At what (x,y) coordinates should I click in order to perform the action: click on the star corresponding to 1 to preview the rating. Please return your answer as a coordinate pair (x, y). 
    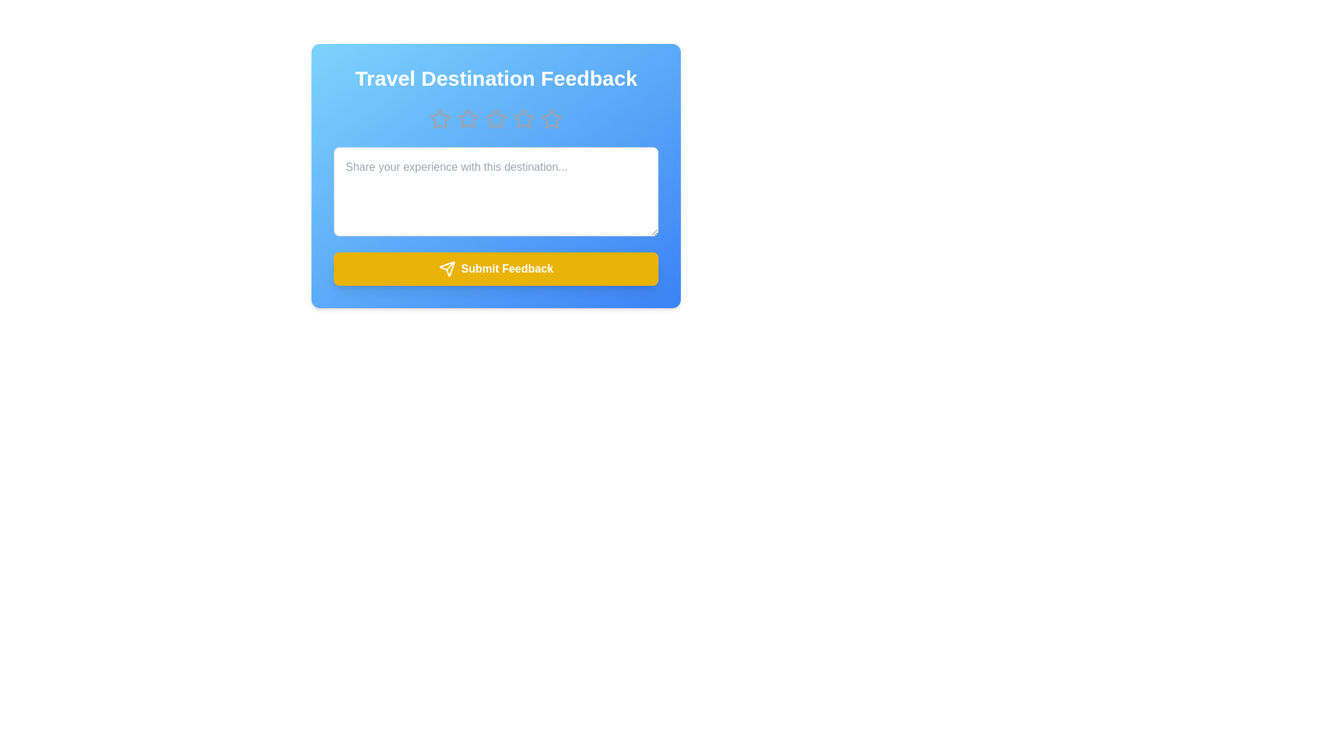
    Looking at the image, I should click on (440, 118).